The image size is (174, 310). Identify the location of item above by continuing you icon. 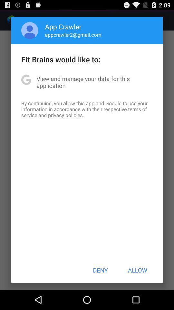
(87, 82).